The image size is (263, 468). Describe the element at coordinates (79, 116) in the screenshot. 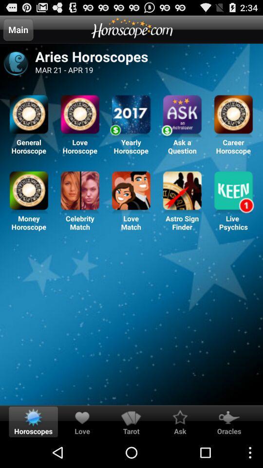

I see `love horoscope option` at that location.